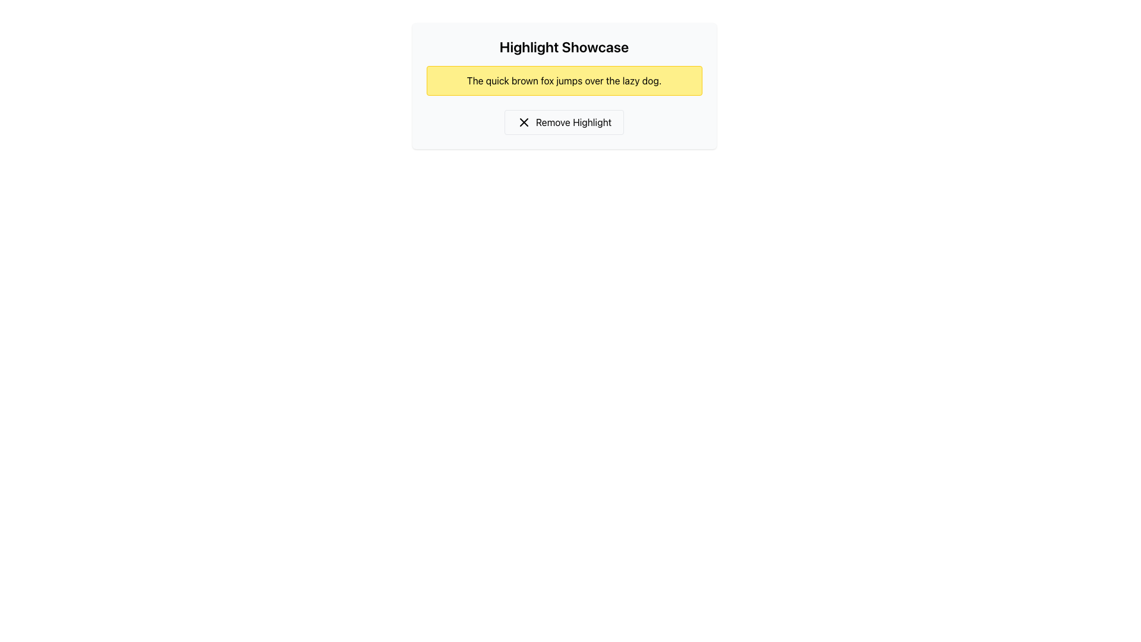 This screenshot has height=642, width=1141. Describe the element at coordinates (523, 122) in the screenshot. I see `the 'X' icon located inside the 'Remove Highlight' button, which is styled with black strokes and positioned towards the left side of the button's content area` at that location.